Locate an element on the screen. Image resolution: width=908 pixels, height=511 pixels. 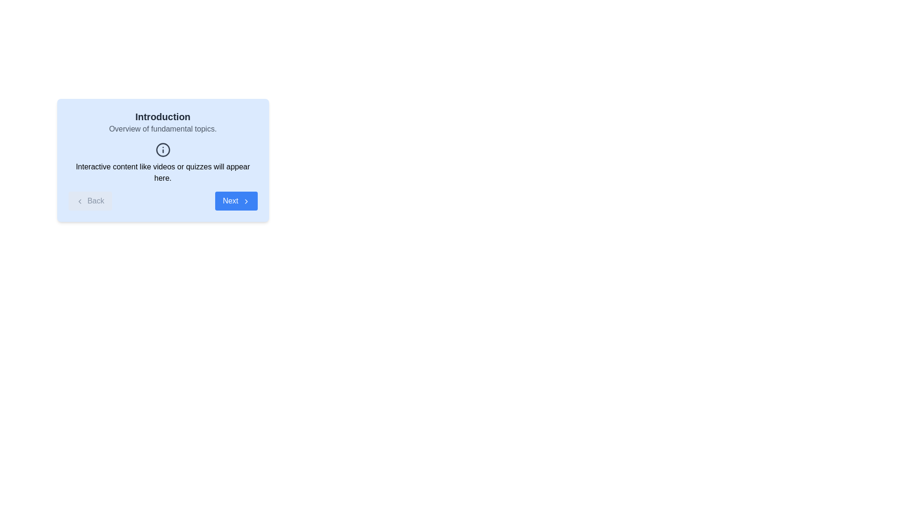
the 'Info' icon to reveal additional information is located at coordinates (163, 149).